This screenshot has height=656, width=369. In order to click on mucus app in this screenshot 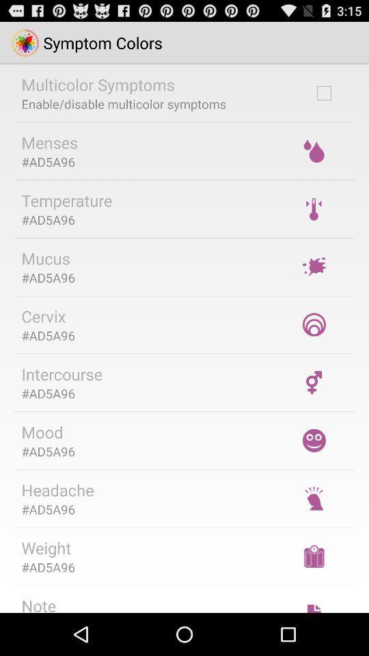, I will do `click(46, 258)`.